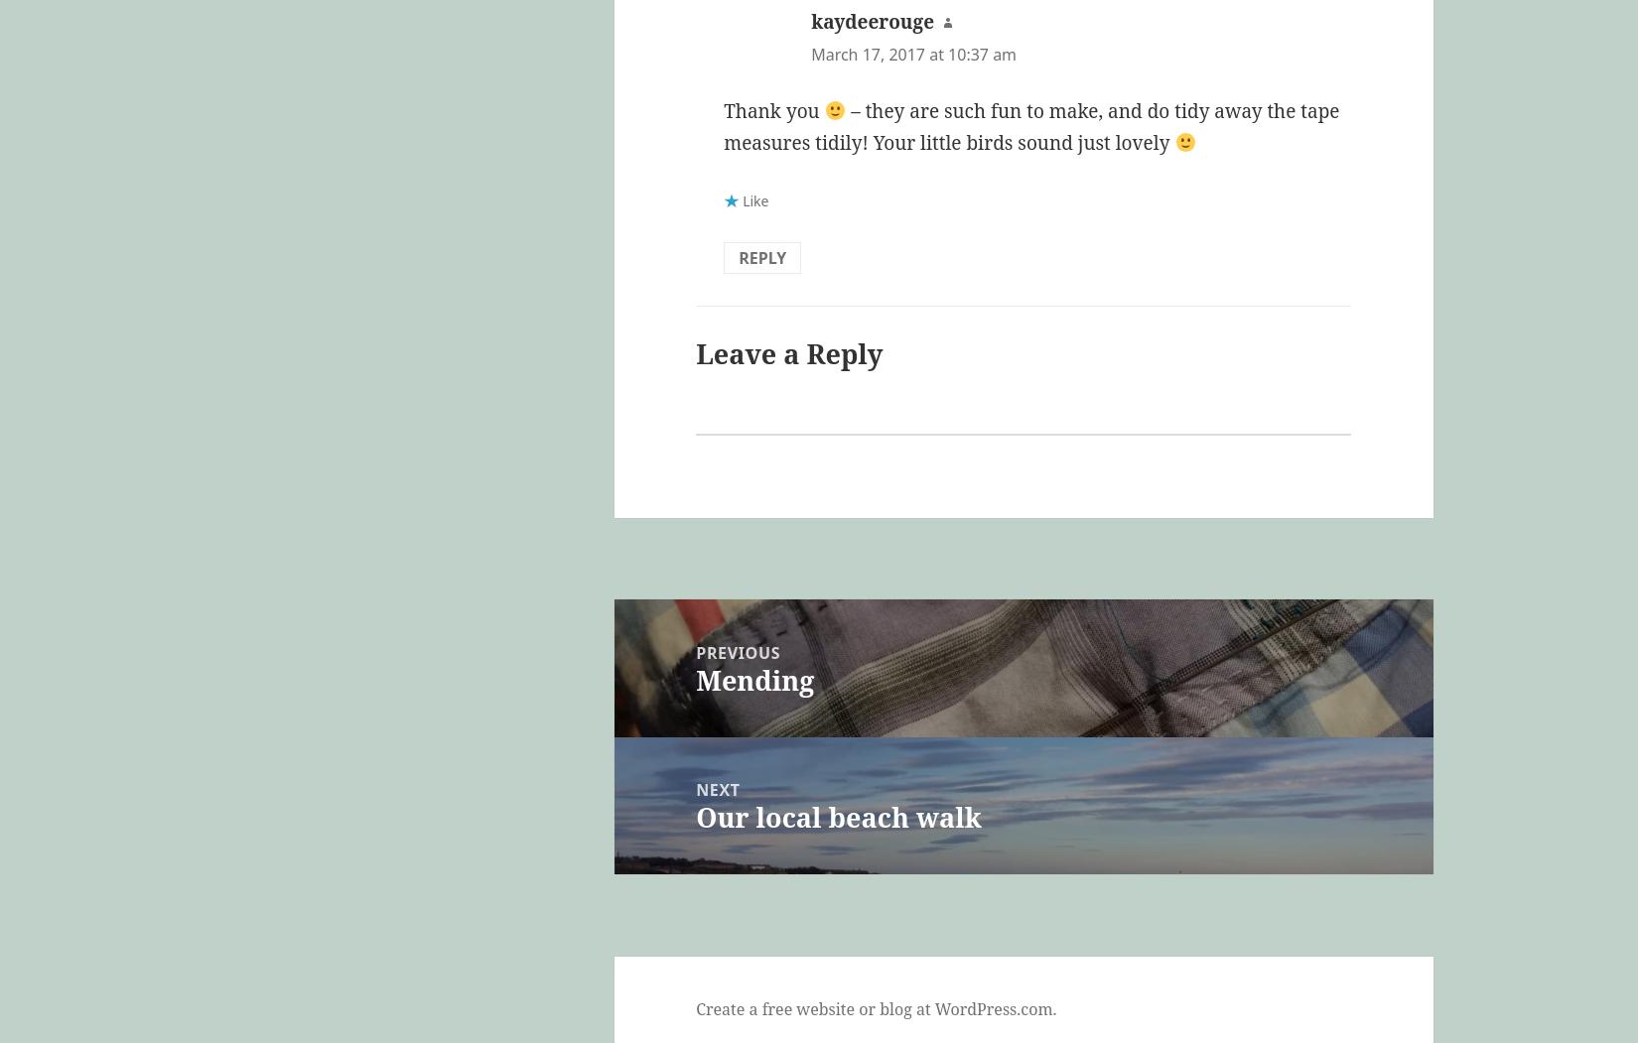  Describe the element at coordinates (737, 651) in the screenshot. I see `'Previous'` at that location.